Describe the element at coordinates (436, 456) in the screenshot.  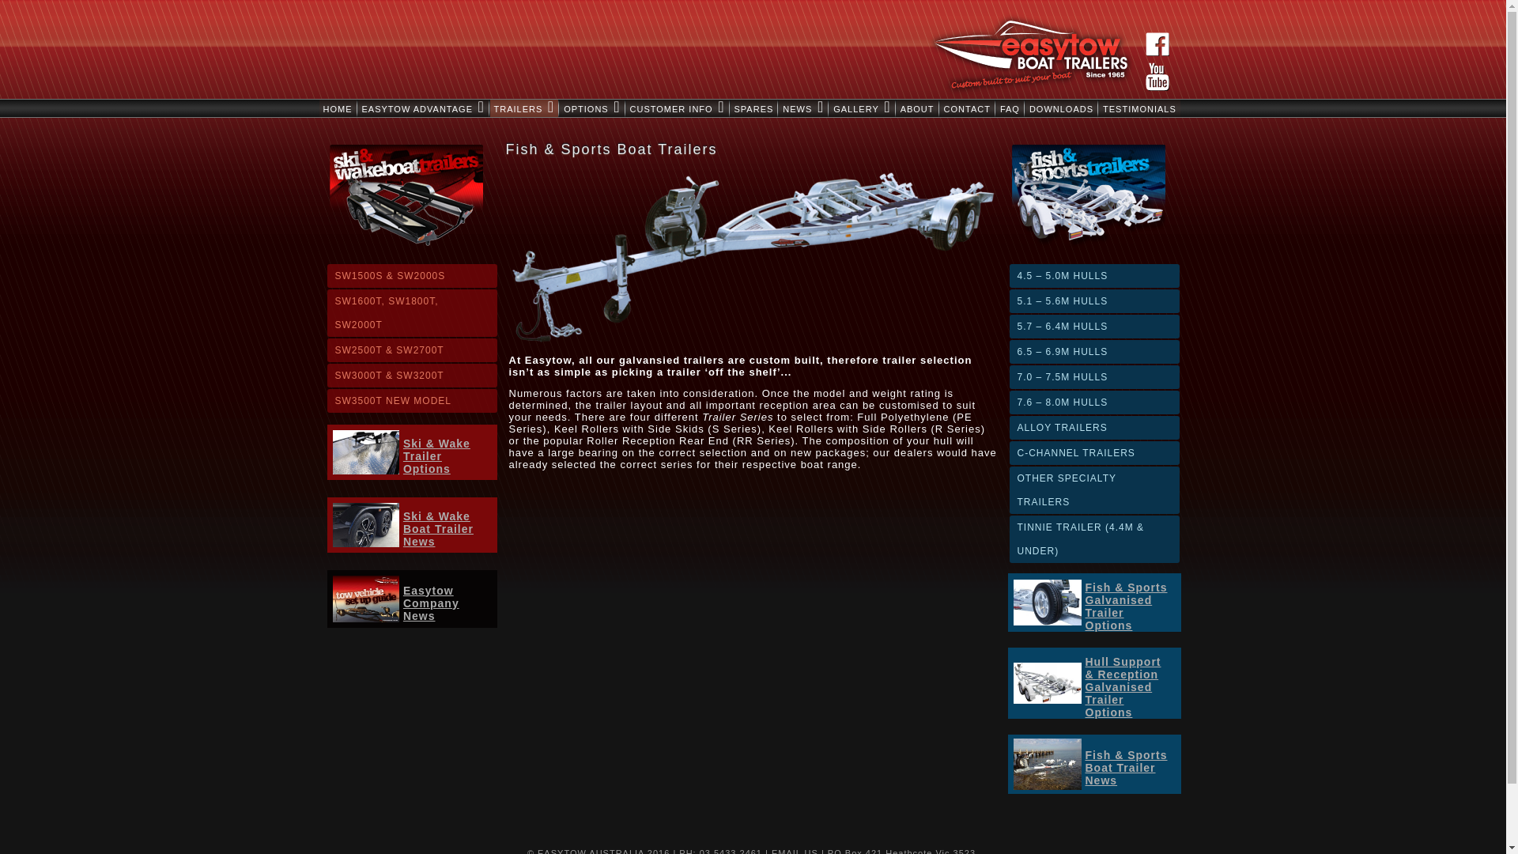
I see `'Ski & Wake Trailer Options'` at that location.